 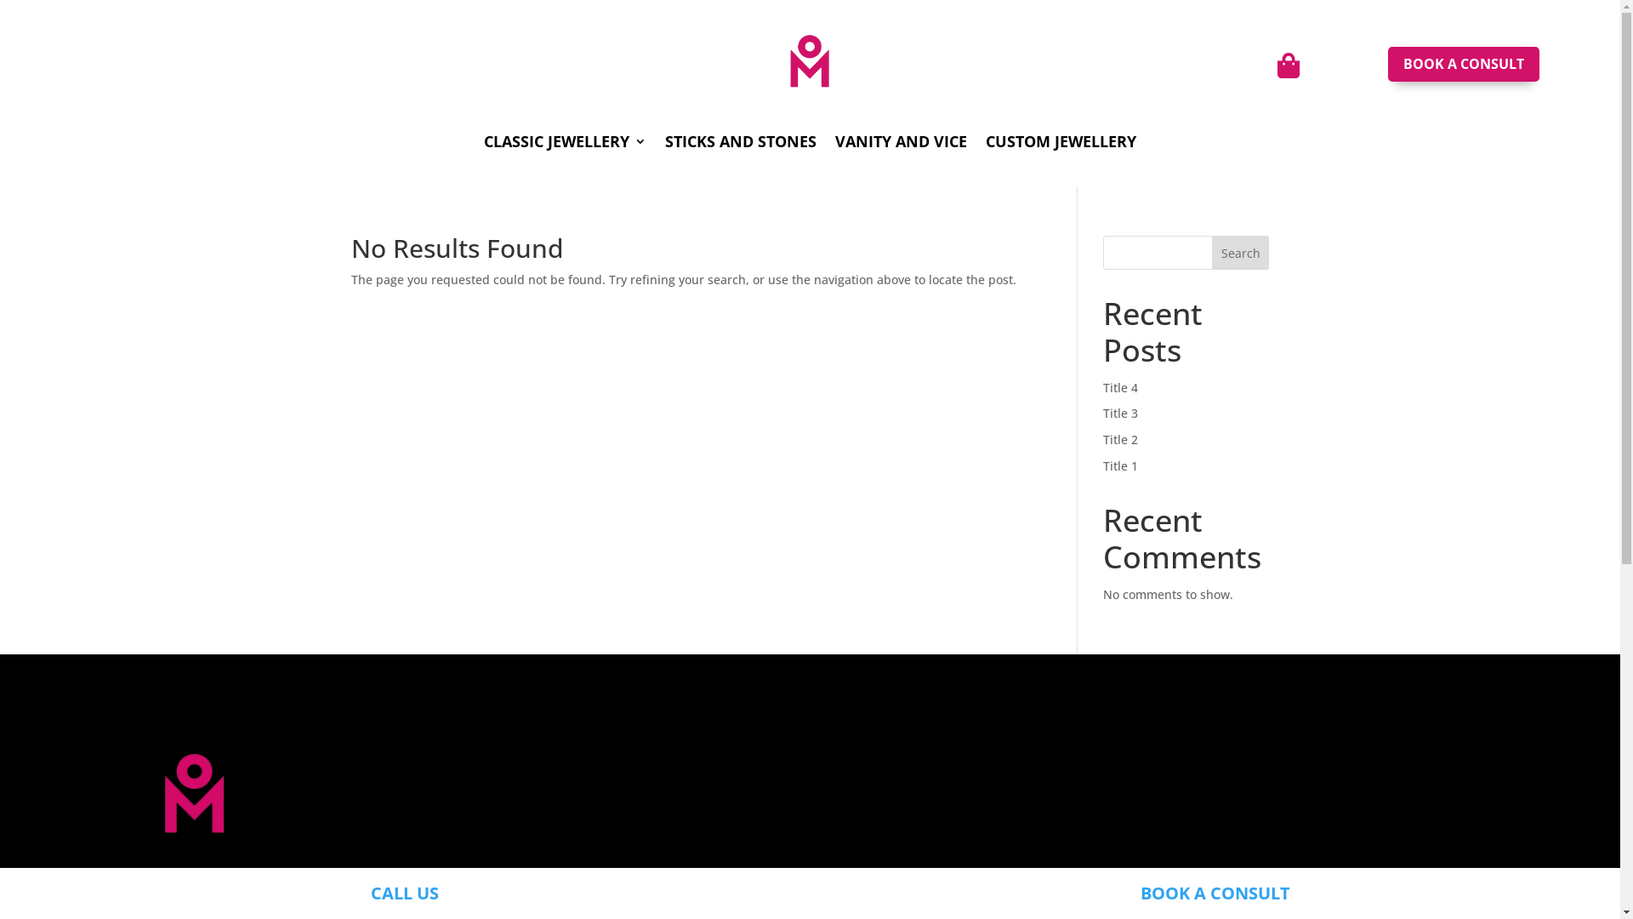 I want to click on 'CUSTOM JEWELLERY', so click(x=985, y=143).